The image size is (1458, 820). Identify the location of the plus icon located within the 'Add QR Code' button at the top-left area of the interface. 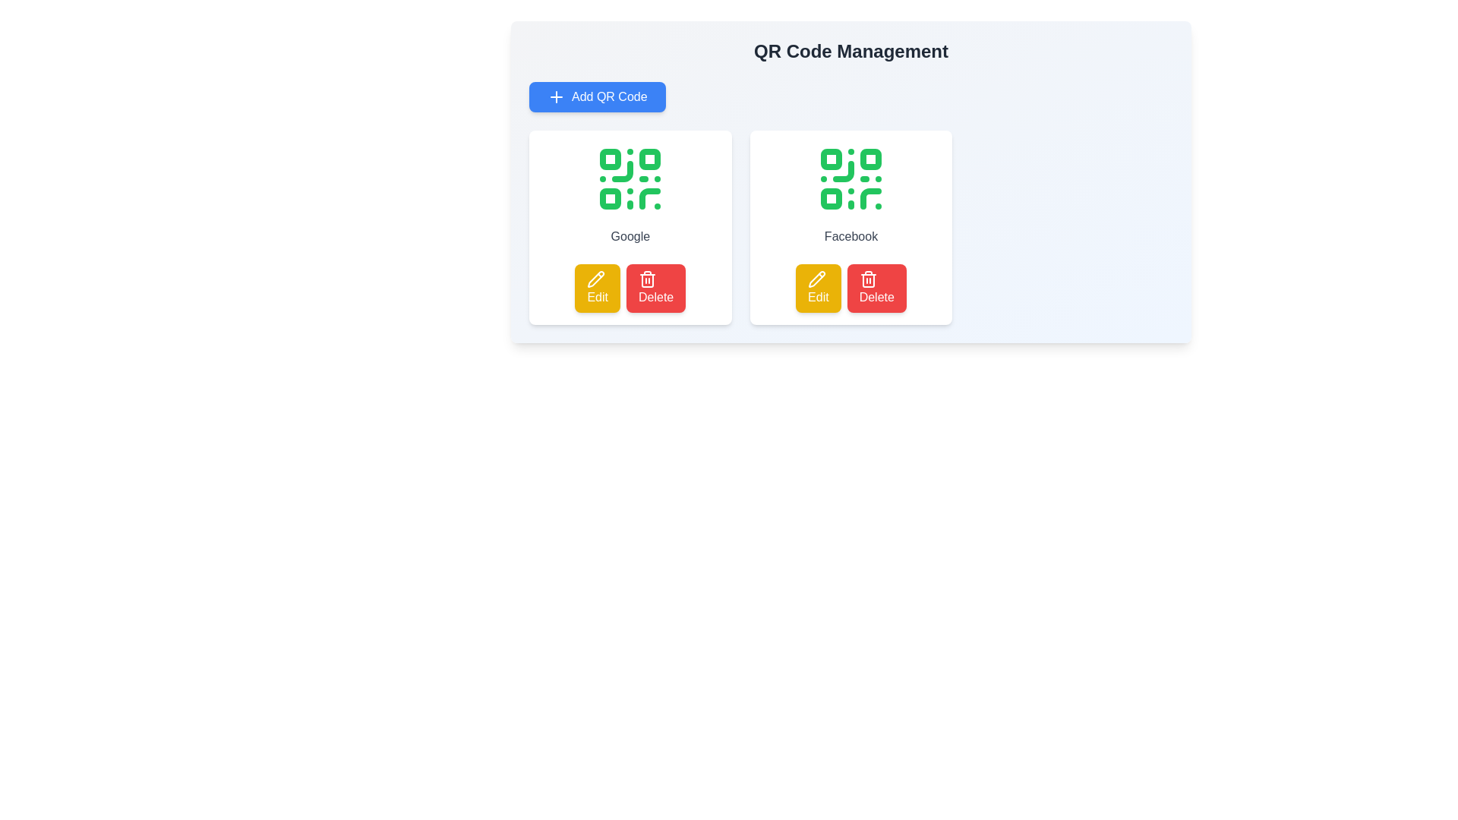
(556, 96).